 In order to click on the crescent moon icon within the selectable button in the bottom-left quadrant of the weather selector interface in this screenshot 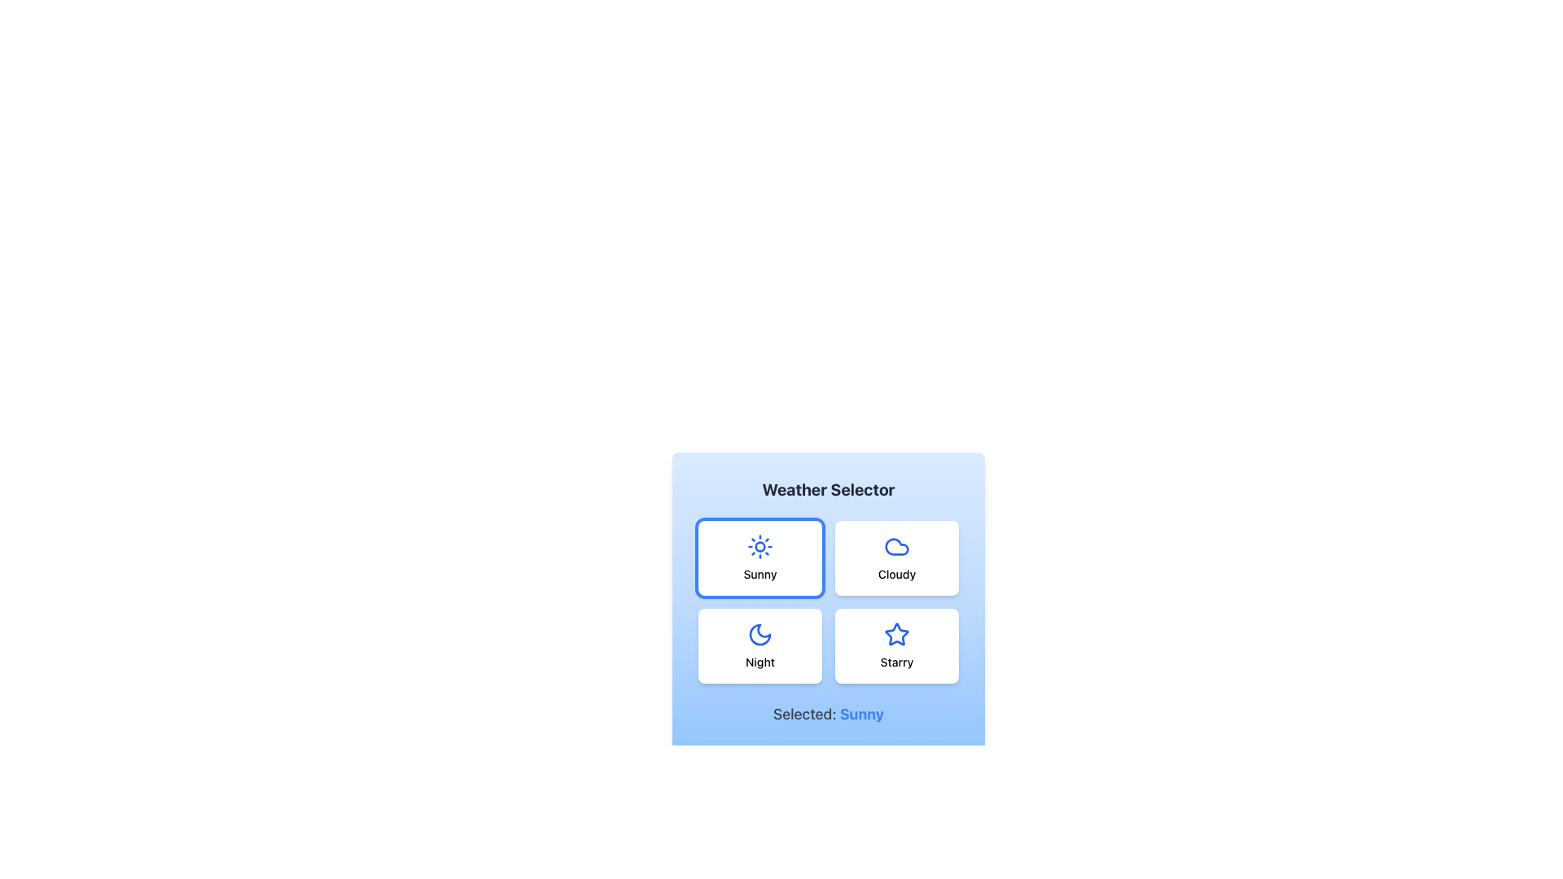, I will do `click(760, 633)`.